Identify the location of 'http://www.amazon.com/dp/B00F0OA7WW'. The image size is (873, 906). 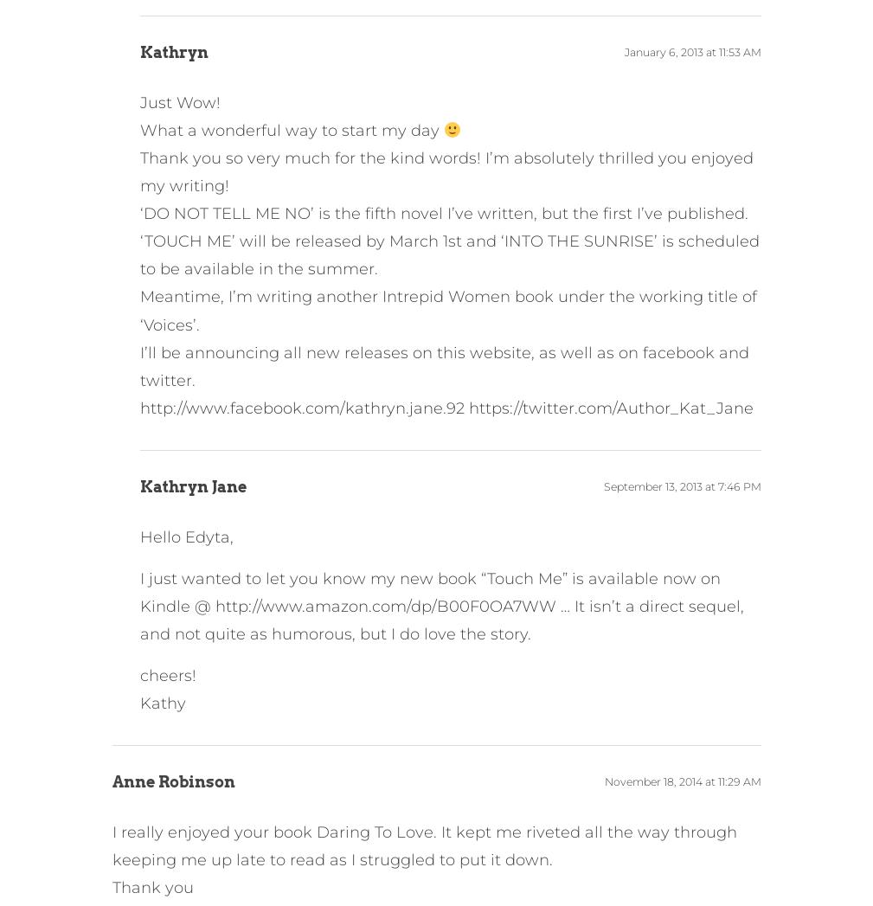
(383, 605).